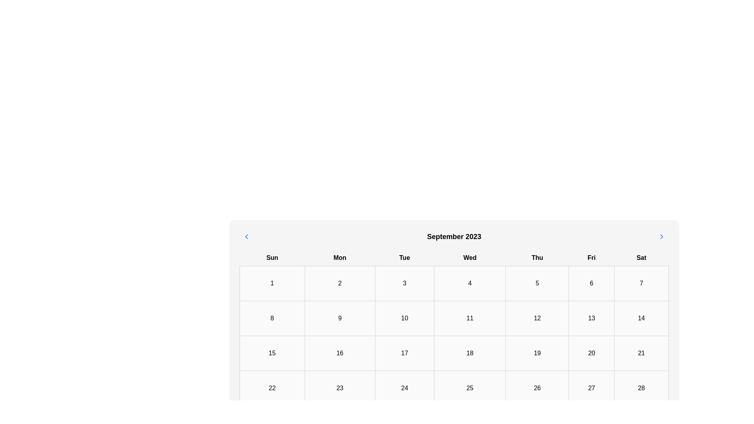 This screenshot has height=424, width=754. I want to click on the text label displaying 'Wed', which is the fourth segment in a row of abbreviated weekday names, positioned between 'Tue' and 'Thu', so click(470, 258).